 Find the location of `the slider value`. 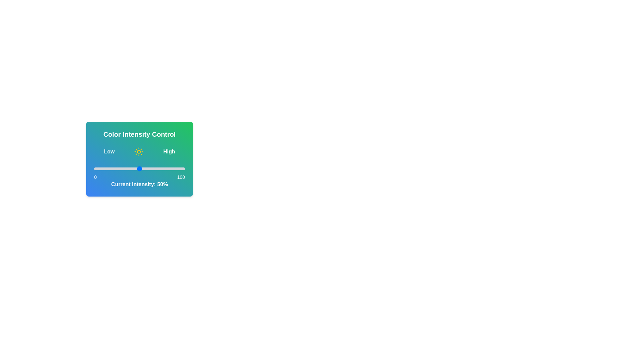

the slider value is located at coordinates (152, 168).